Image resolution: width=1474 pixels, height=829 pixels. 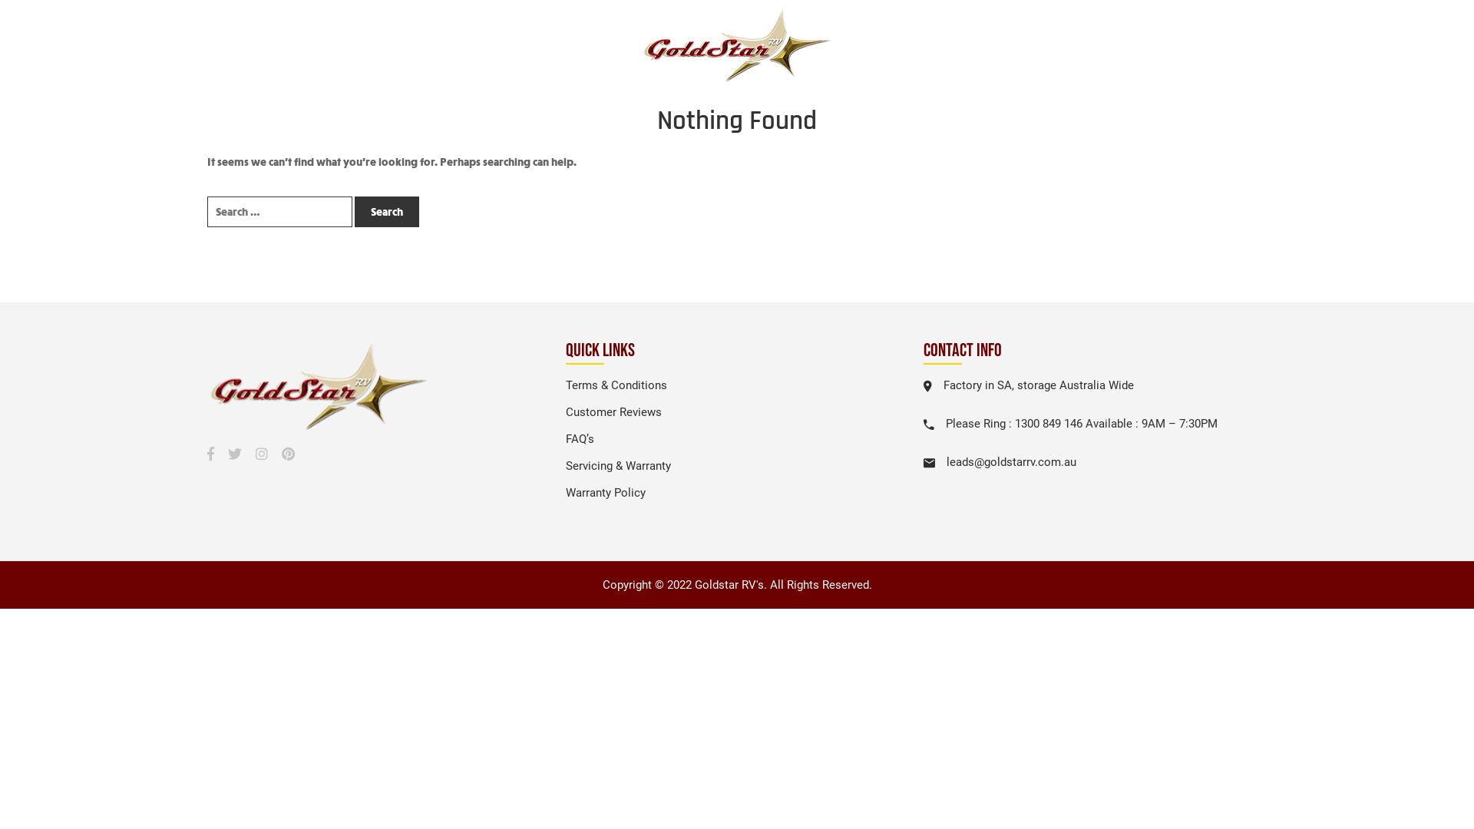 I want to click on 'Customer Reviews', so click(x=565, y=411).